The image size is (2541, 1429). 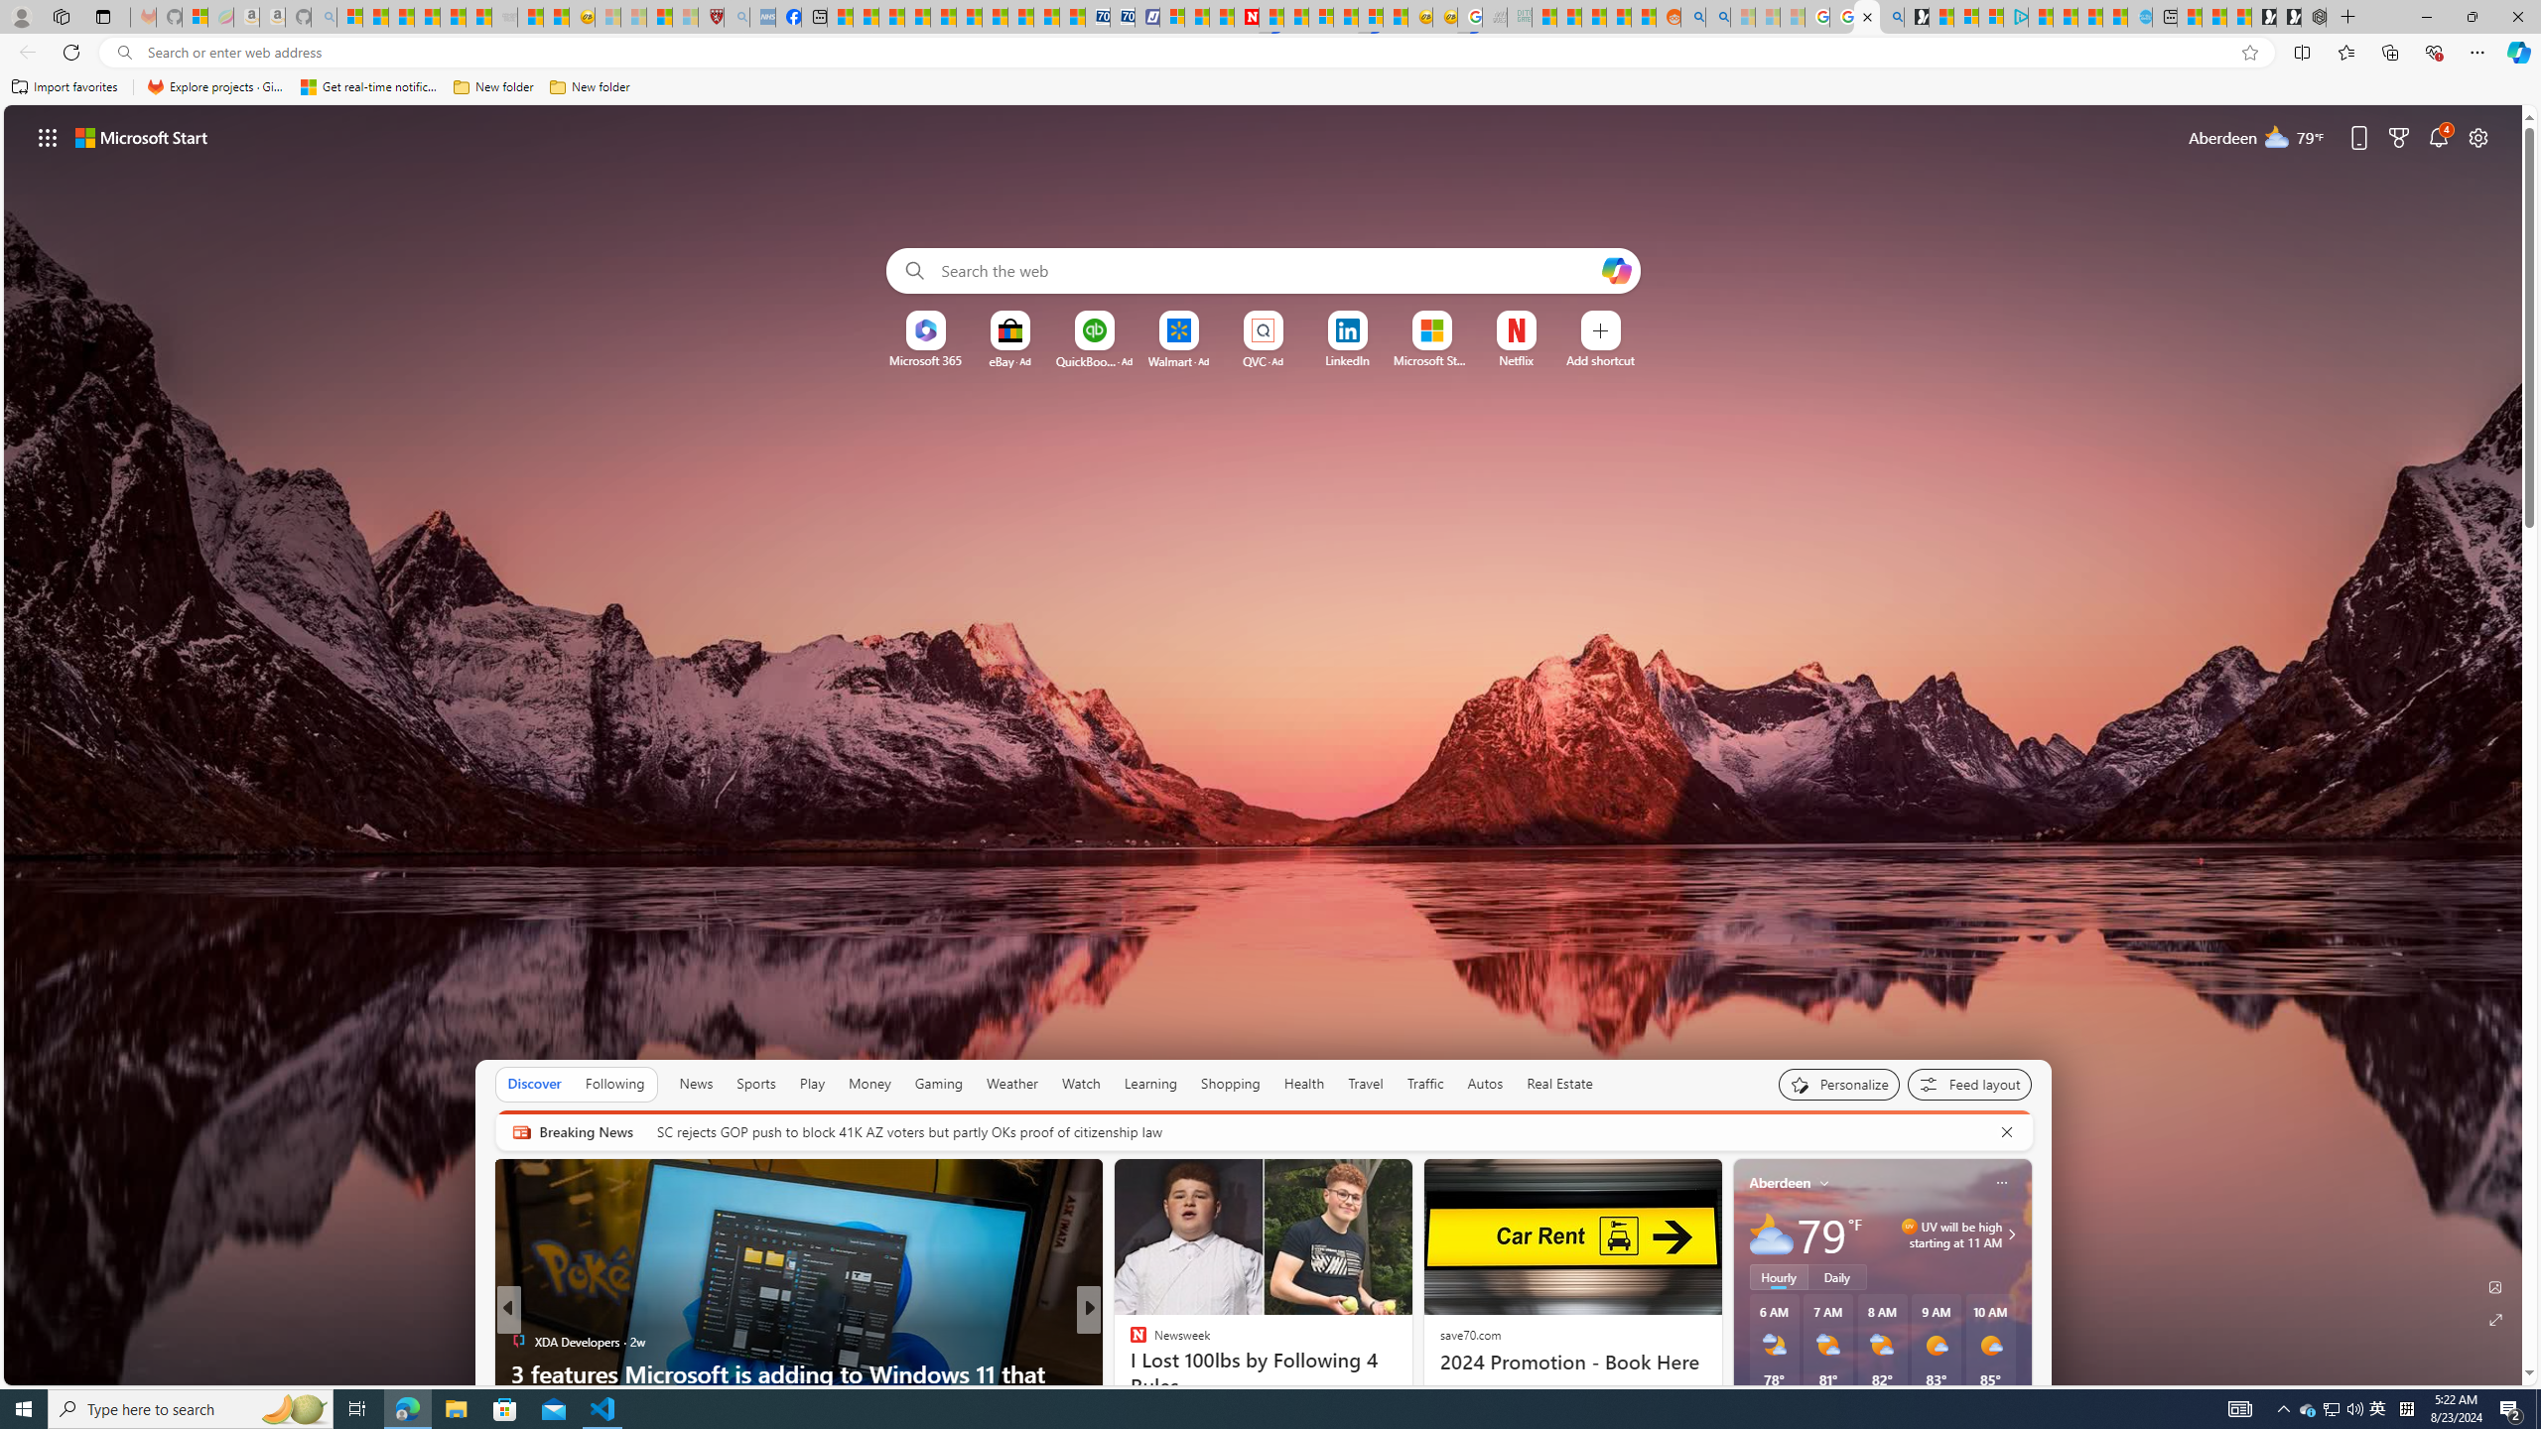 What do you see at coordinates (2496, 1285) in the screenshot?
I see `'Edit Background'` at bounding box center [2496, 1285].